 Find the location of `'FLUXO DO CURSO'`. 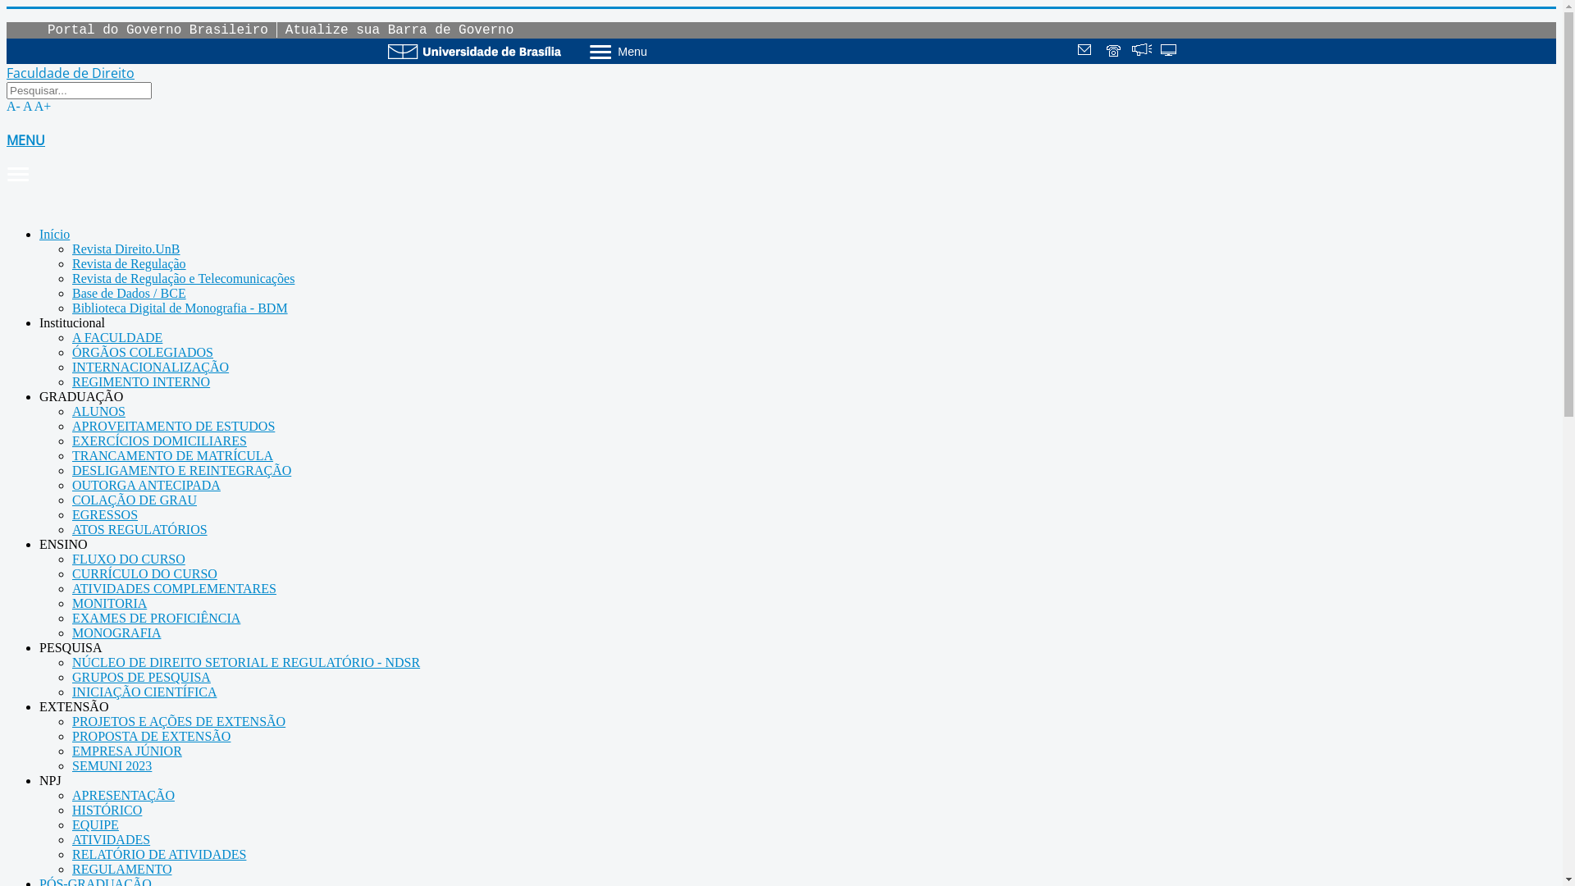

'FLUXO DO CURSO' is located at coordinates (128, 558).